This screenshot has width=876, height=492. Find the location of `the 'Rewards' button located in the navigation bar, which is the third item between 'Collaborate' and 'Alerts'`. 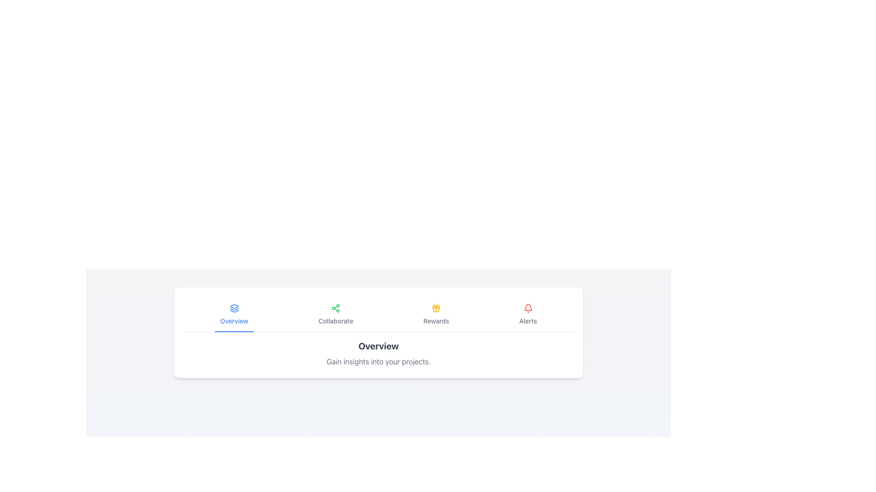

the 'Rewards' button located in the navigation bar, which is the third item between 'Collaborate' and 'Alerts' is located at coordinates (435, 314).